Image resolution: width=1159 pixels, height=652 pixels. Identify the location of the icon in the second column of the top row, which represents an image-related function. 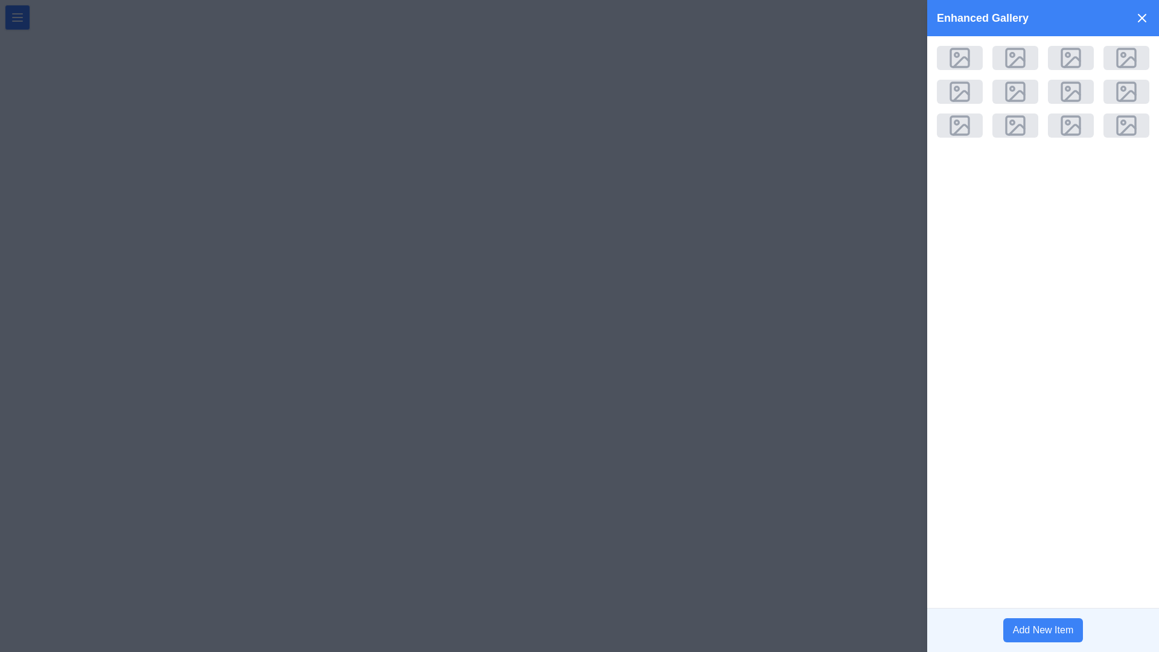
(1014, 58).